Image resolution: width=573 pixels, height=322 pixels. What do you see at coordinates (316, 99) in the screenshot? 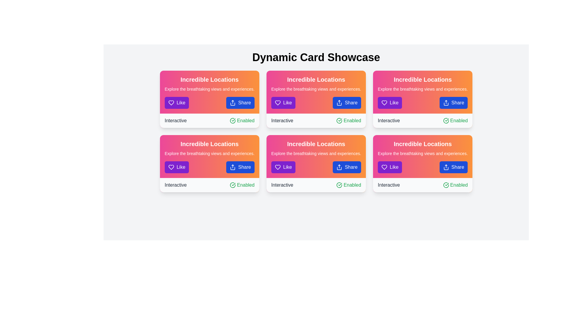
I see `the Like button of the interactive information card located in the second column of the first row to express interest` at bounding box center [316, 99].